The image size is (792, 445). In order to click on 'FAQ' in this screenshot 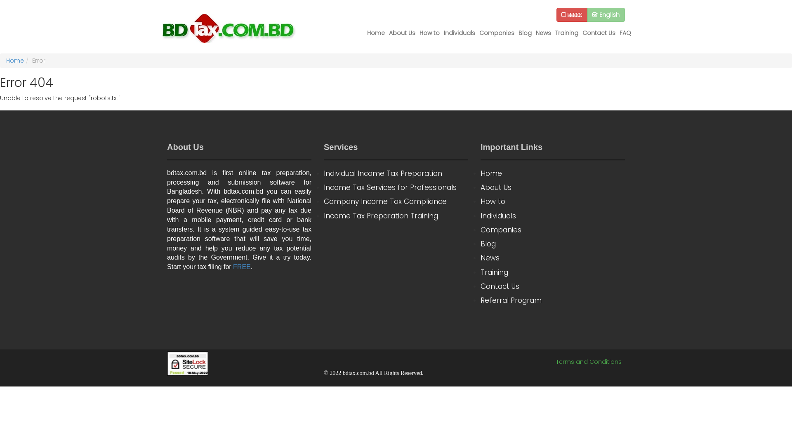, I will do `click(625, 33)`.